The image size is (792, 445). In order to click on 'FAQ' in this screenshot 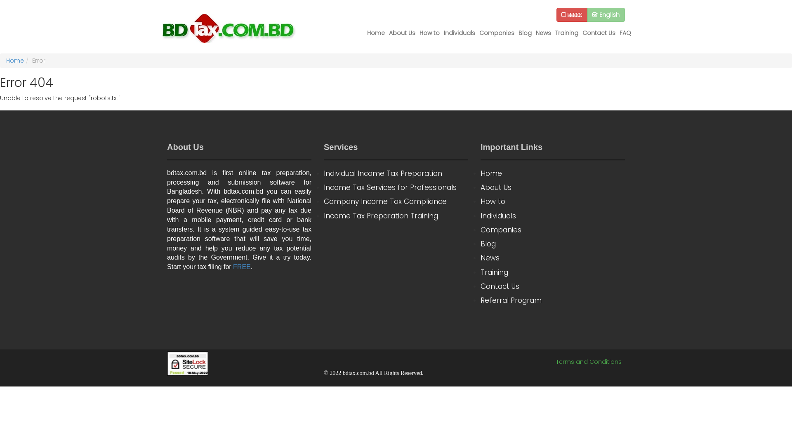, I will do `click(625, 33)`.